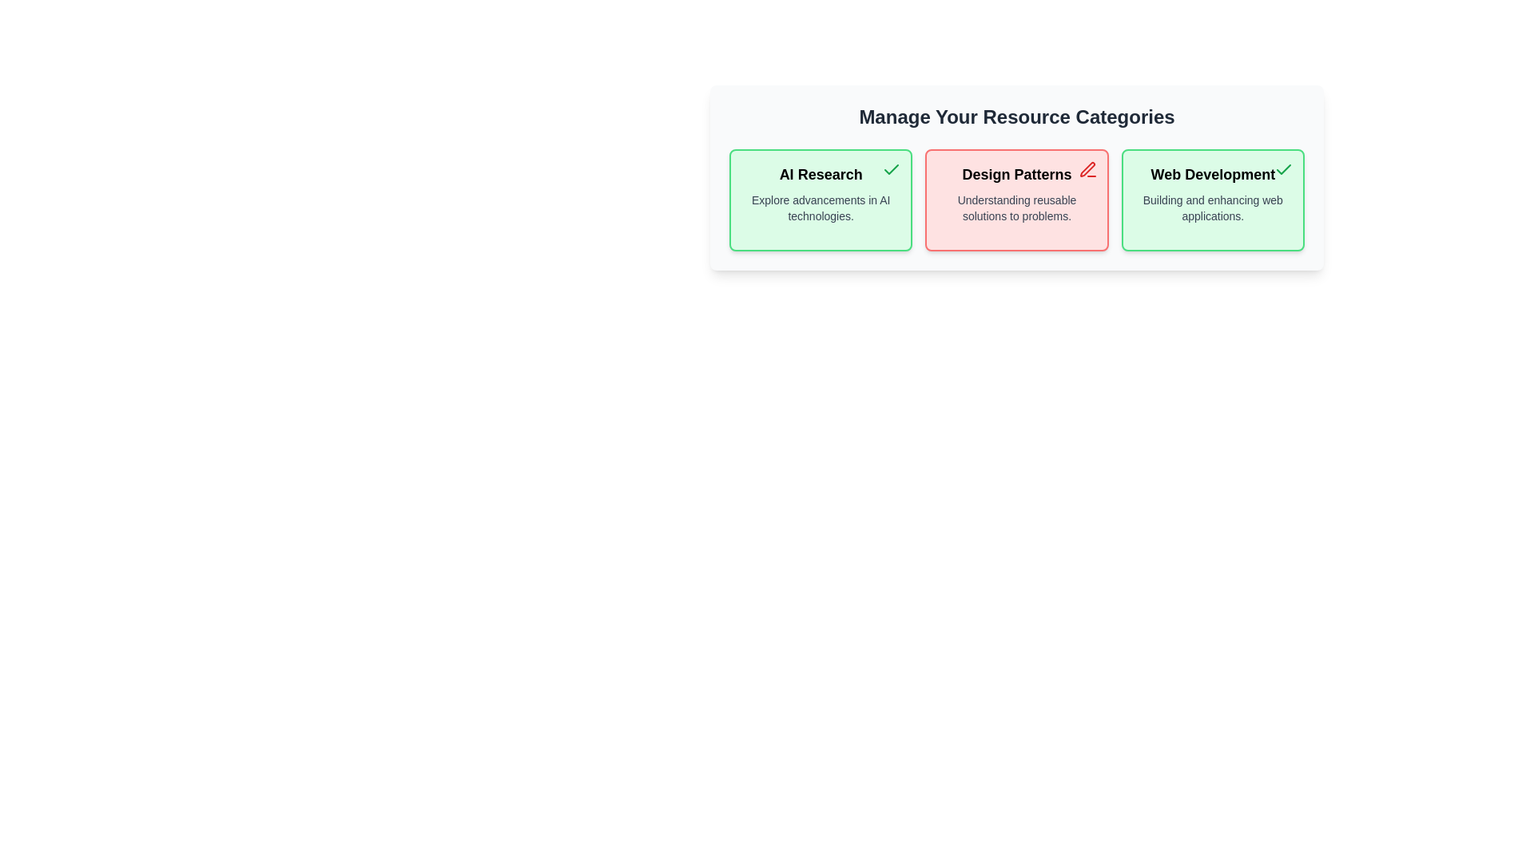 The height and width of the screenshot is (862, 1534). What do you see at coordinates (1015, 175) in the screenshot?
I see `the text of the category name or description for Design Patterns` at bounding box center [1015, 175].